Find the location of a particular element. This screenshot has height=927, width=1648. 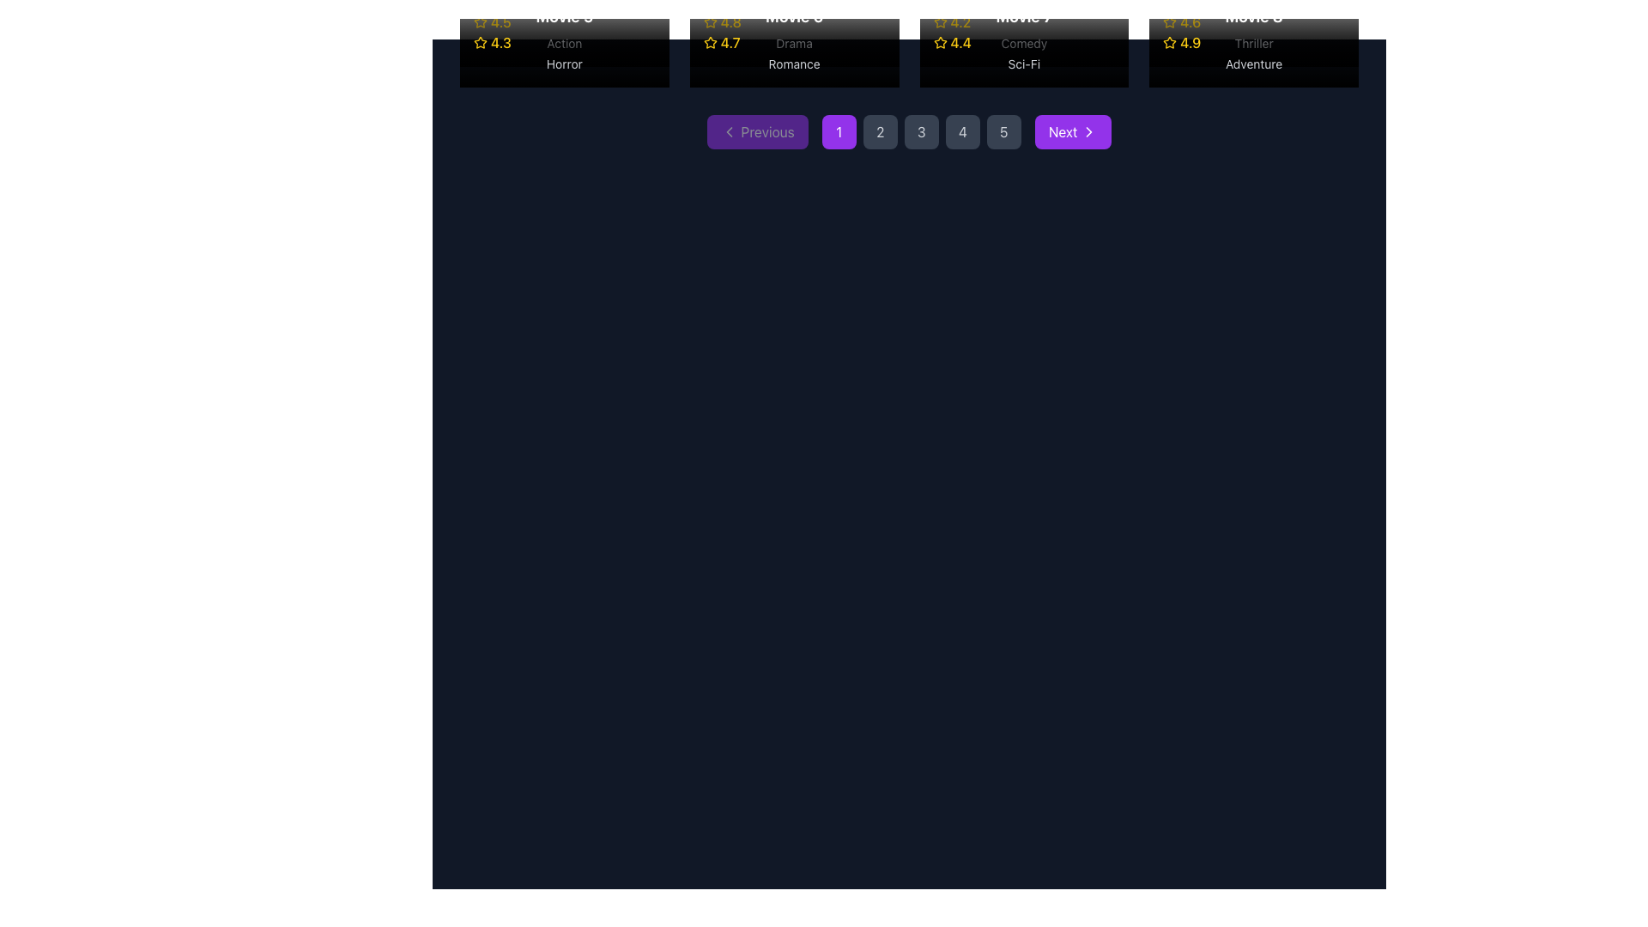

the third pagination button labeled '3' is located at coordinates (908, 131).